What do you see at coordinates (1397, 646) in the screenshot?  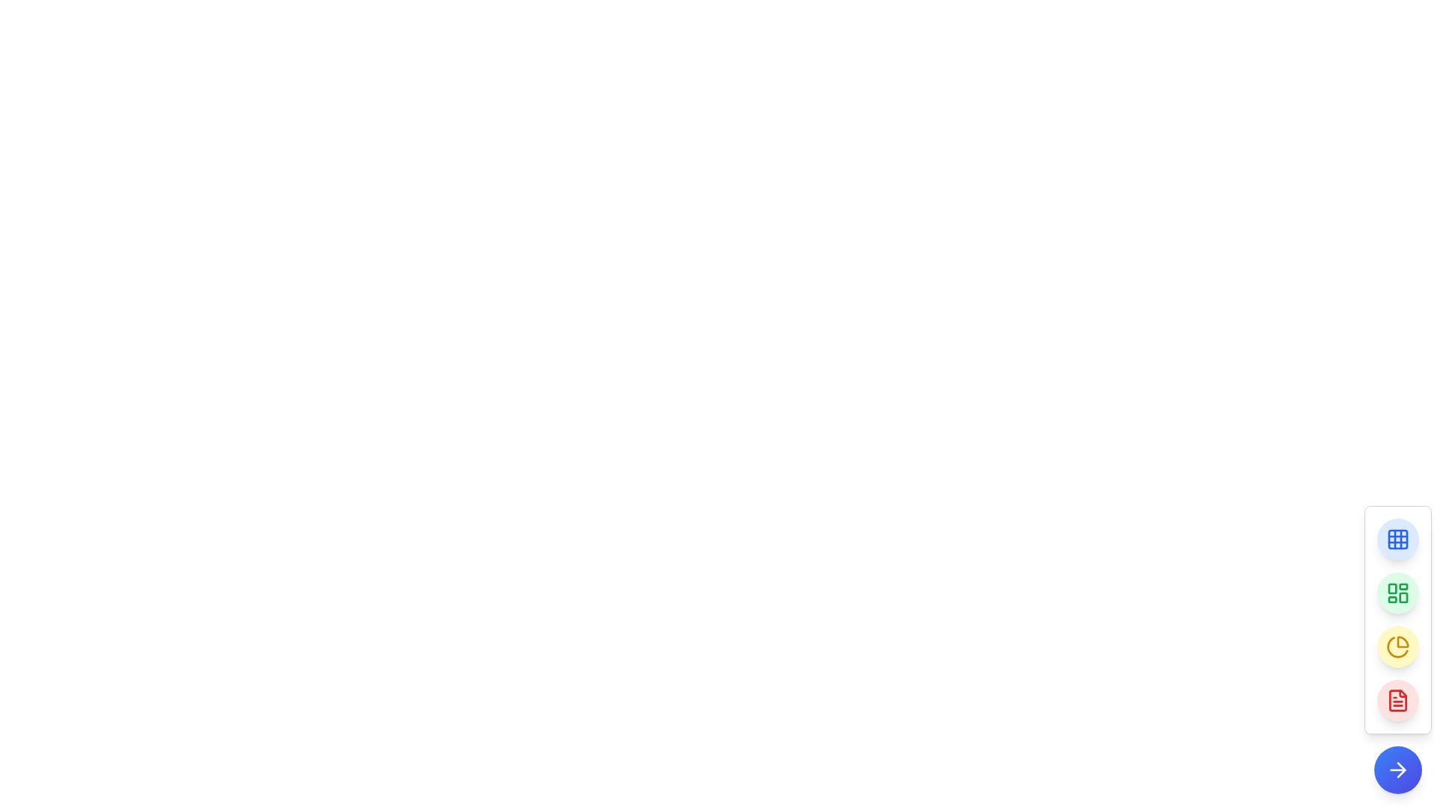 I see `the third button in the vertical stack located near the bottom-right of the interface` at bounding box center [1397, 646].